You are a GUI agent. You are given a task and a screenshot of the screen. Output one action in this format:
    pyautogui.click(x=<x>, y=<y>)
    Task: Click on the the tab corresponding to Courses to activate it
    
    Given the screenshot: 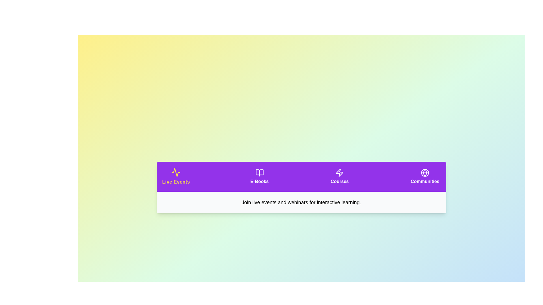 What is the action you would take?
    pyautogui.click(x=339, y=176)
    